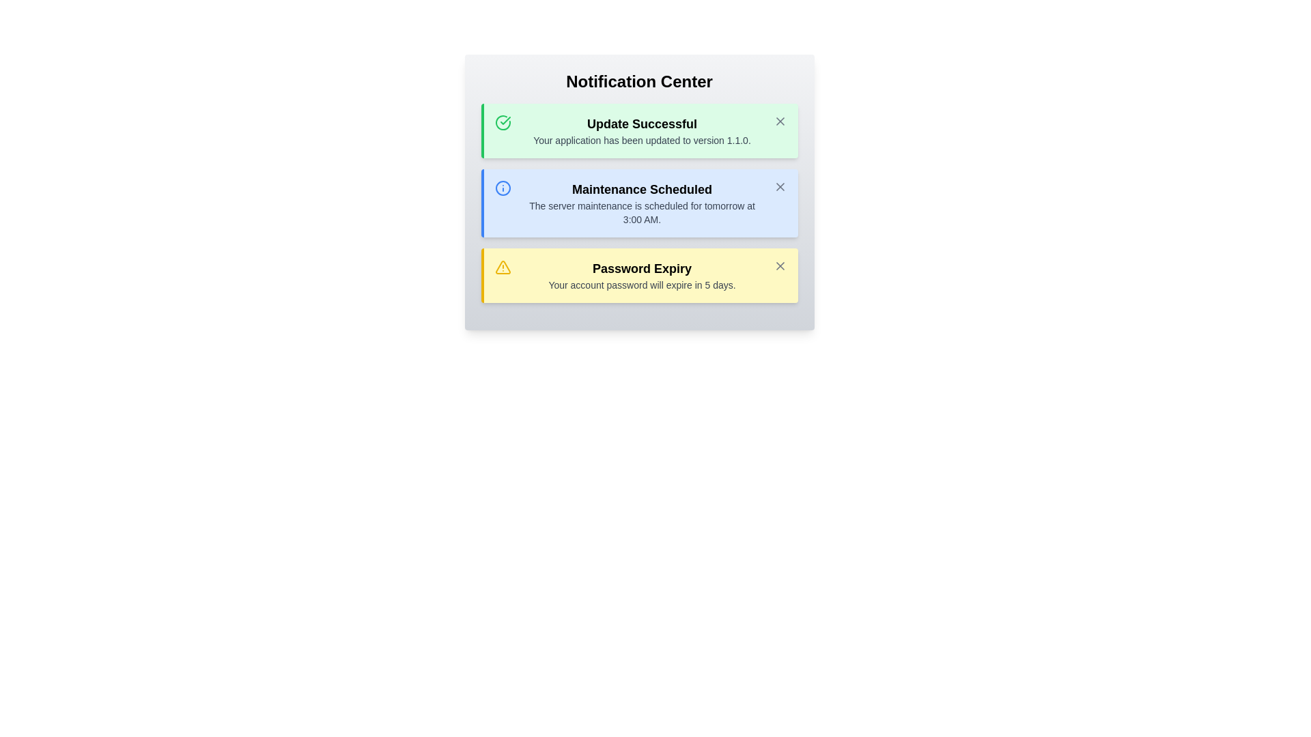  What do you see at coordinates (641, 284) in the screenshot?
I see `the informational text in the 'Password Expiry' section, which is the second line of text providing details about a password expiry event` at bounding box center [641, 284].